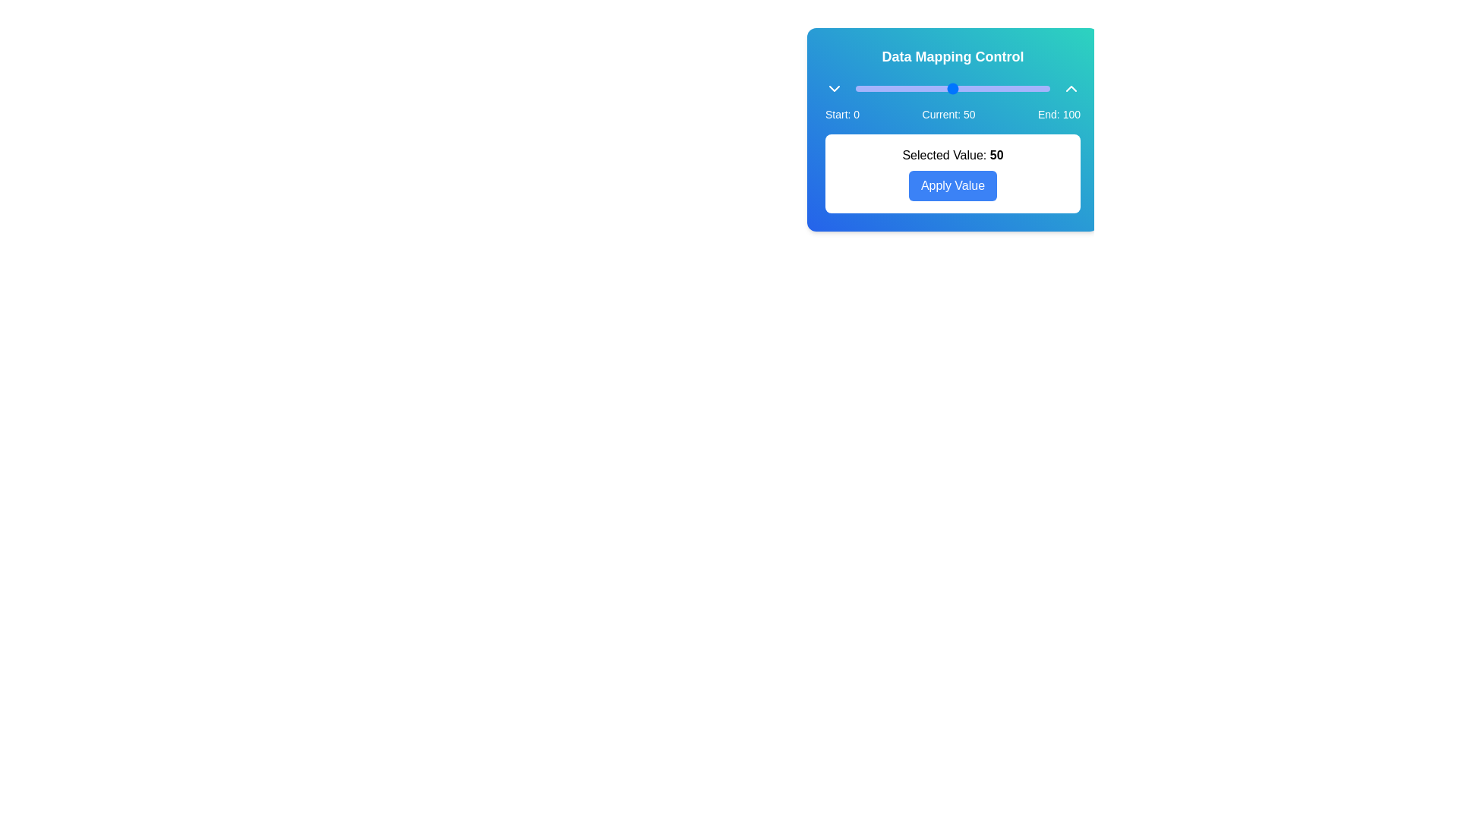 The width and height of the screenshot is (1458, 820). Describe the element at coordinates (933, 85) in the screenshot. I see `slider value` at that location.